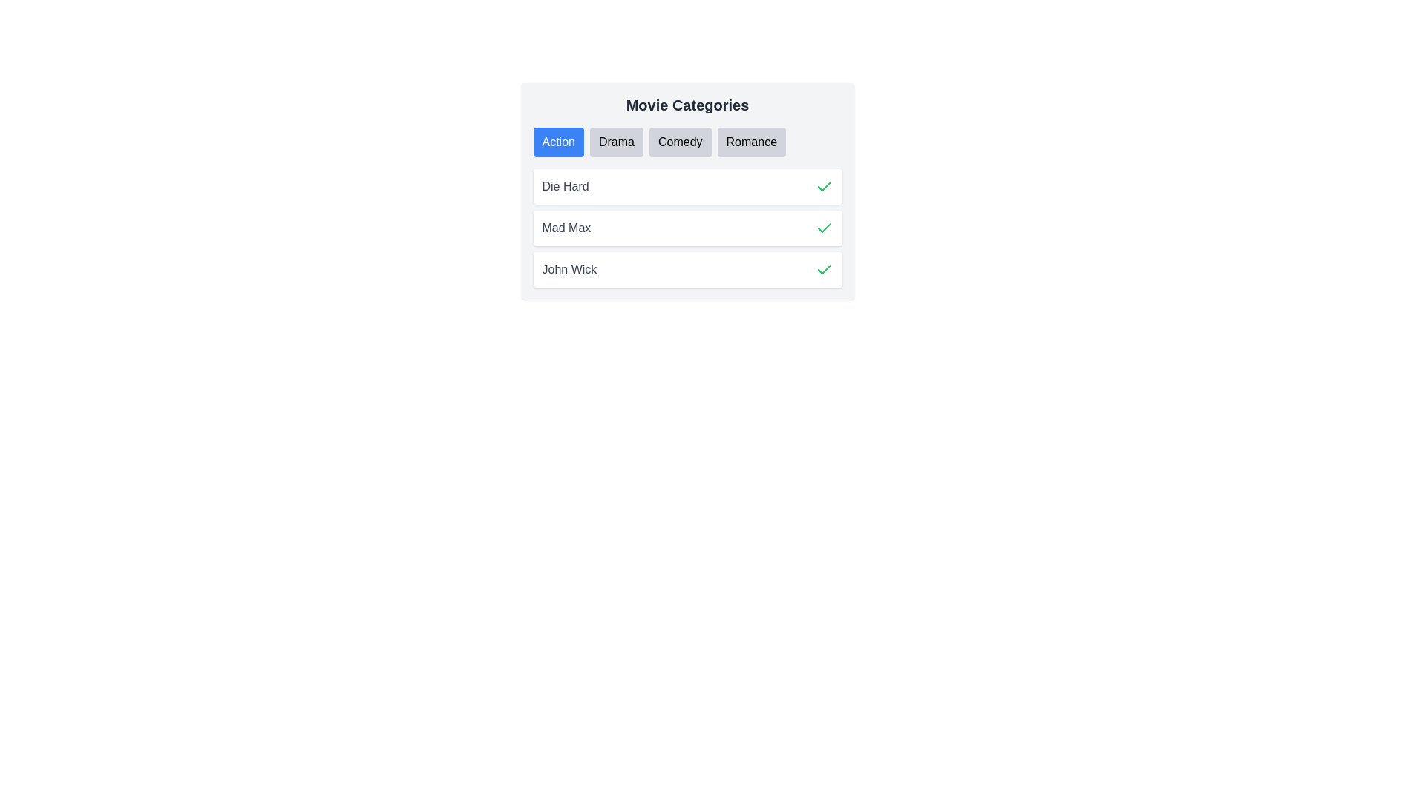 The image size is (1425, 801). What do you see at coordinates (679, 142) in the screenshot?
I see `the 'Comedy' button, which is the third button in a horizontal list below the 'Movie Categories' heading` at bounding box center [679, 142].